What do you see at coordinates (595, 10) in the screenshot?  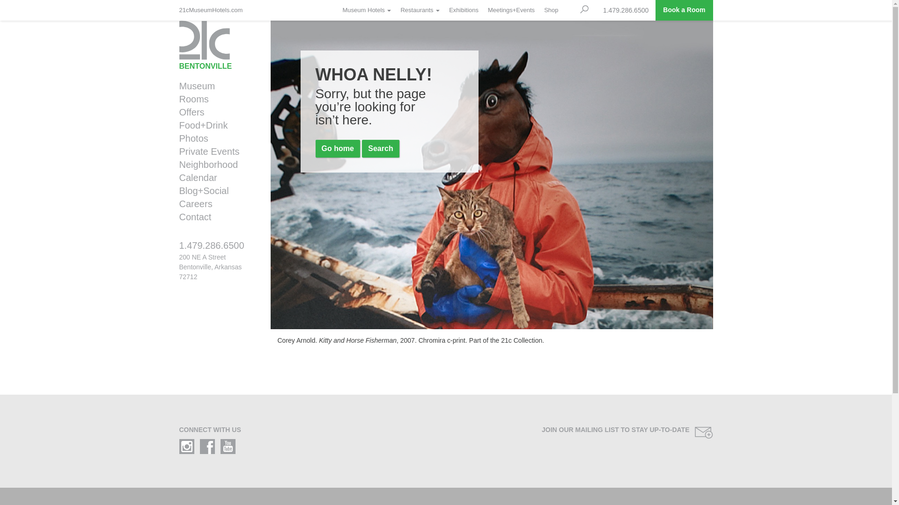 I see `'1.479.286.6500'` at bounding box center [595, 10].